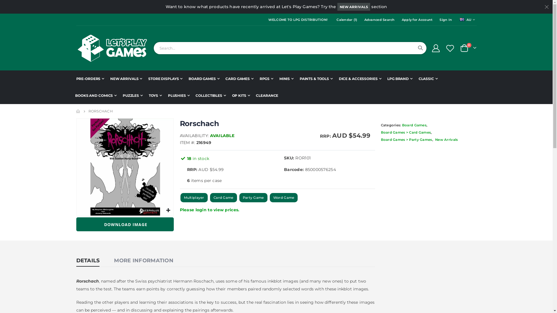 The width and height of the screenshot is (557, 313). Describe the element at coordinates (210, 95) in the screenshot. I see `'COLLECTIBLES'` at that location.